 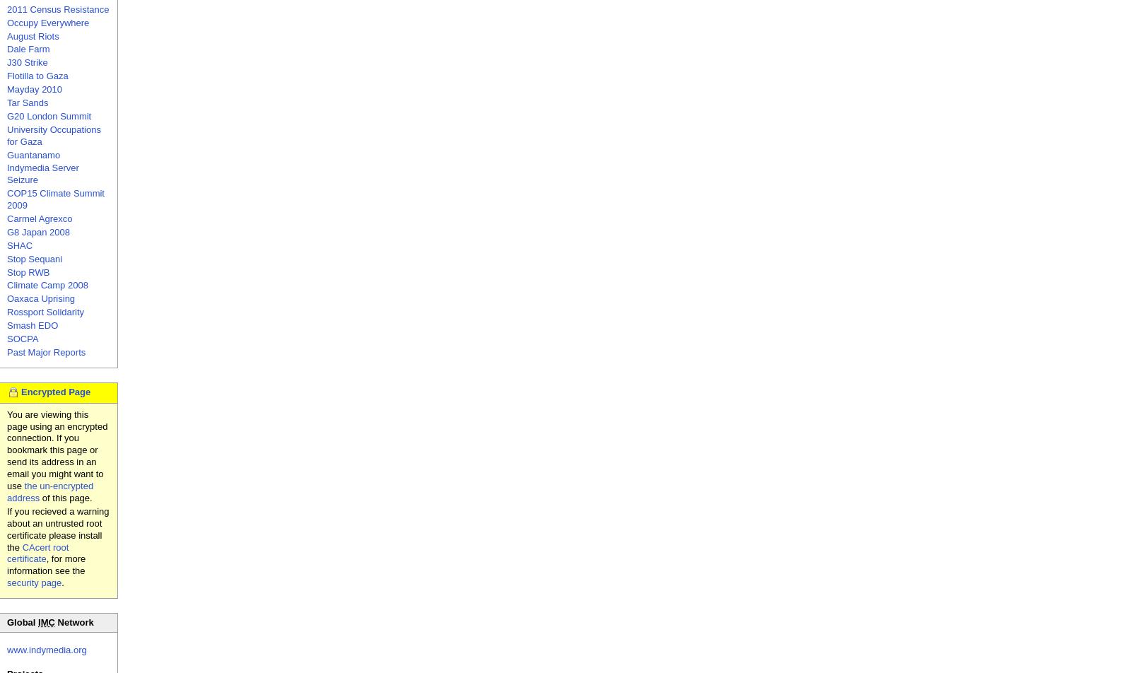 I want to click on 'You are viewing this page using an encrypted connection. 
      If you bookmark this page or send its address in an email 
      you might want to use', so click(x=6, y=450).